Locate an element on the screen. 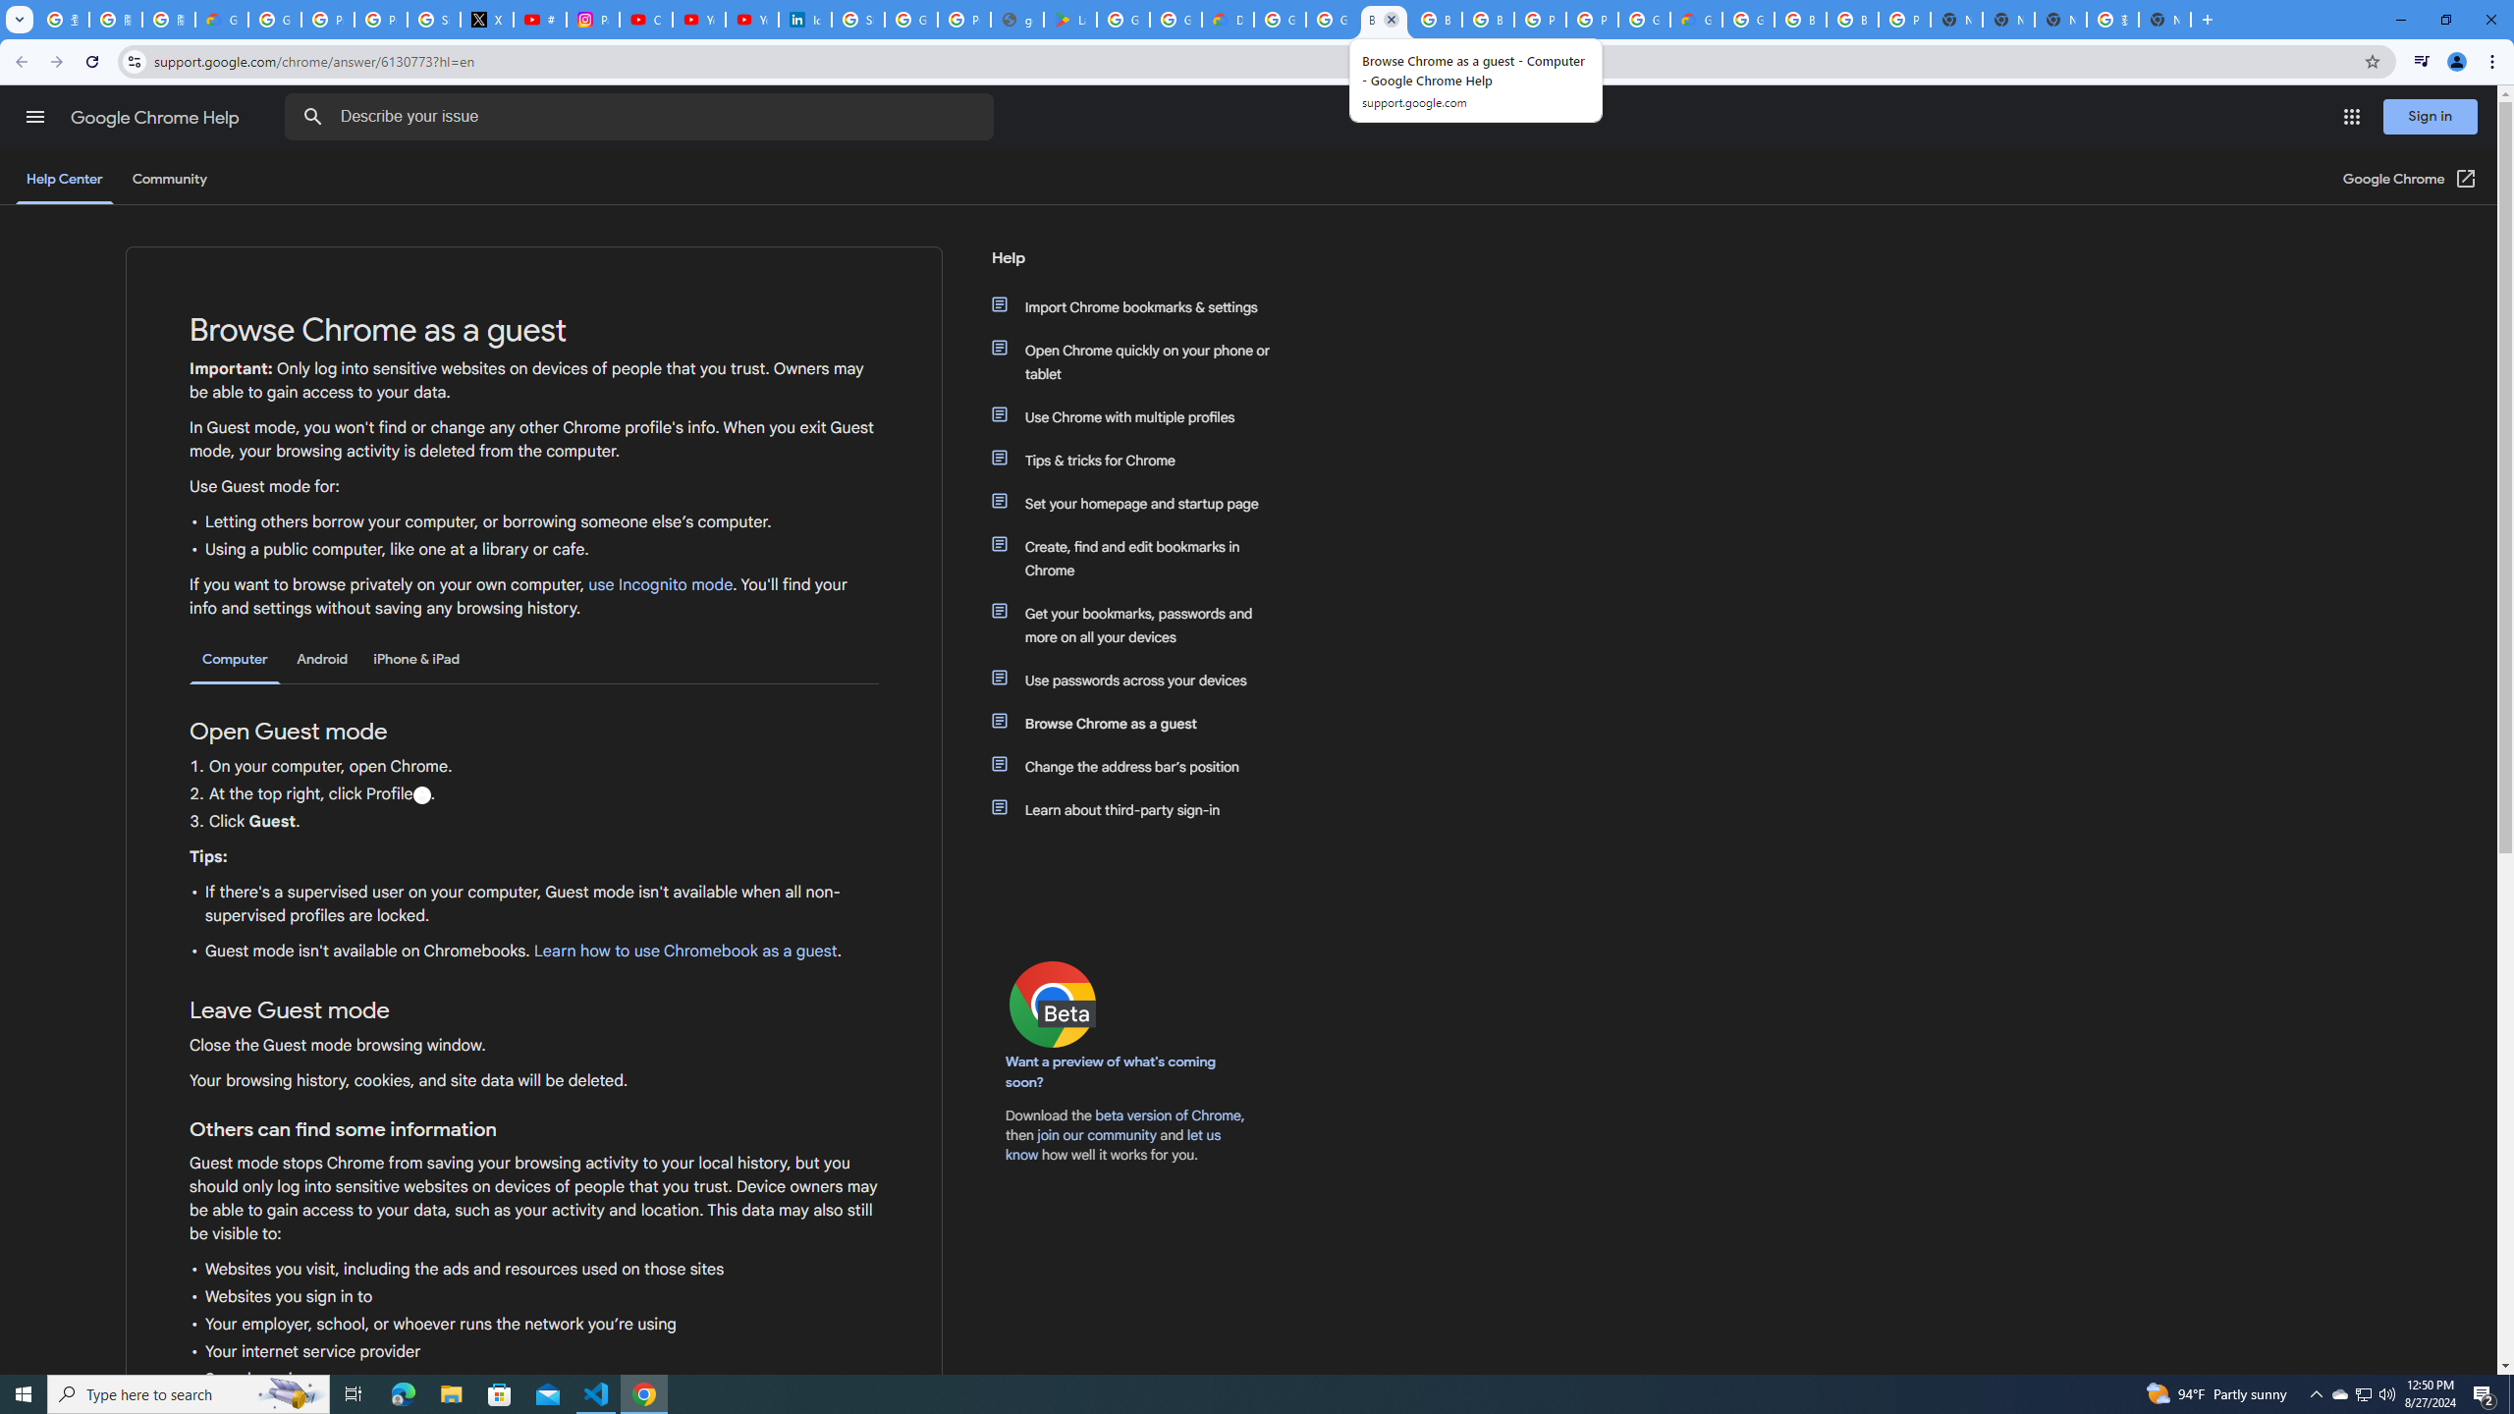 The height and width of the screenshot is (1414, 2514). 'Search Help Center' is located at coordinates (311, 116).